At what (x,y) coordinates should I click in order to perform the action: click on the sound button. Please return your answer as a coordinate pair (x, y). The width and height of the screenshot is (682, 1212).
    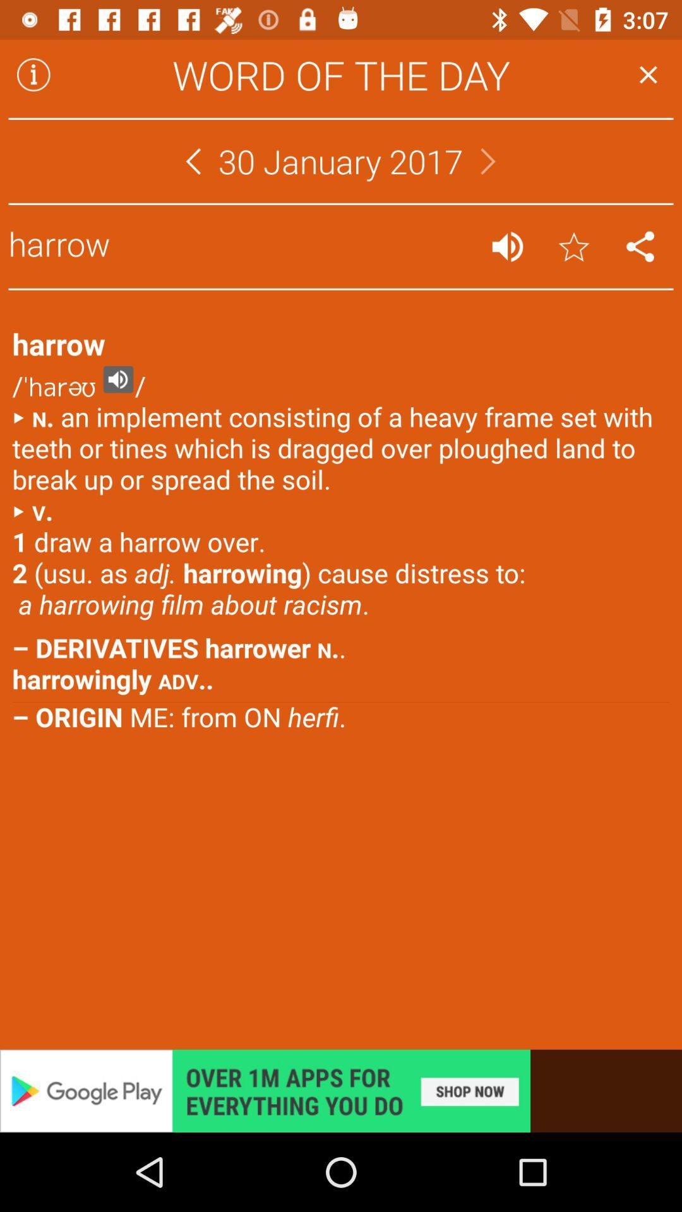
    Looking at the image, I should click on (506, 246).